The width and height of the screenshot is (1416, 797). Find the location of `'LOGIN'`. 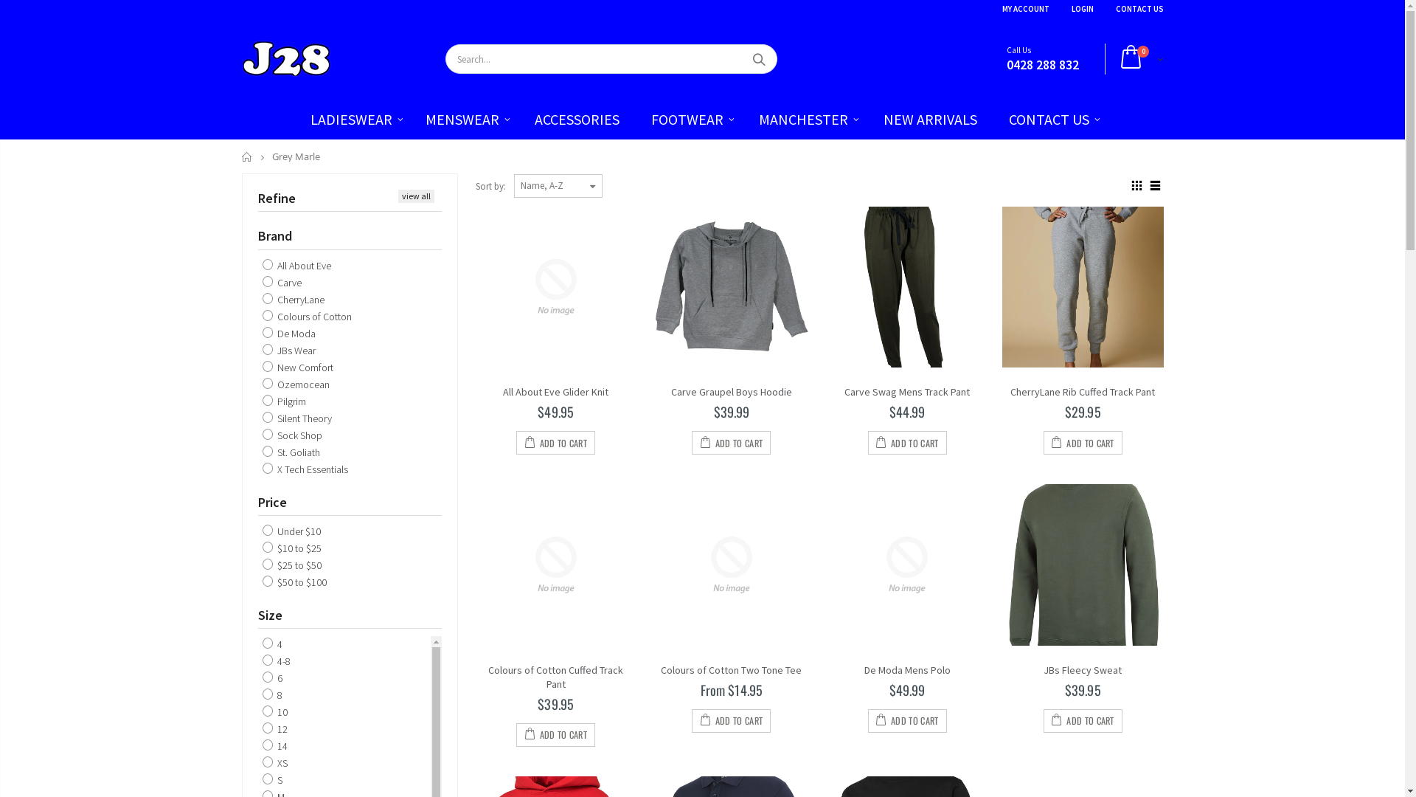

'LOGIN' is located at coordinates (1082, 8).